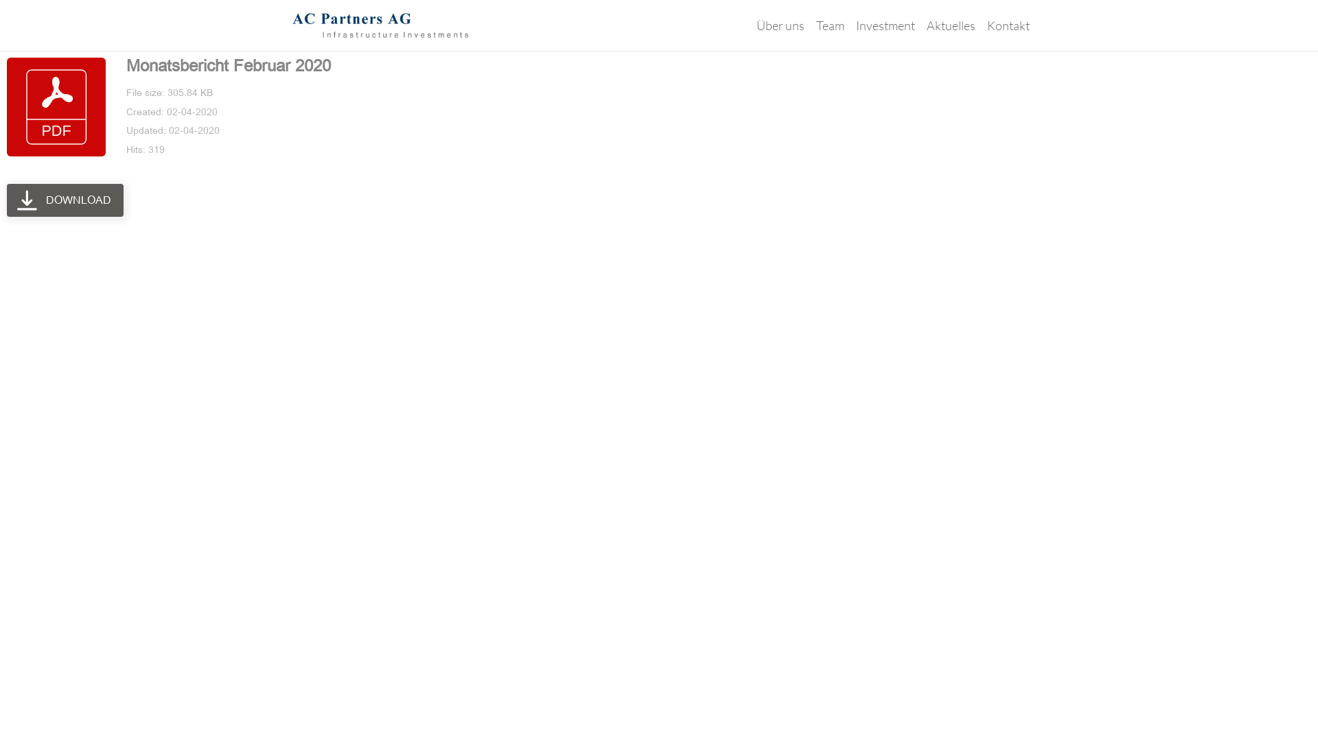 Image resolution: width=1318 pixels, height=741 pixels. Describe the element at coordinates (886, 34) in the screenshot. I see `'Investment'` at that location.